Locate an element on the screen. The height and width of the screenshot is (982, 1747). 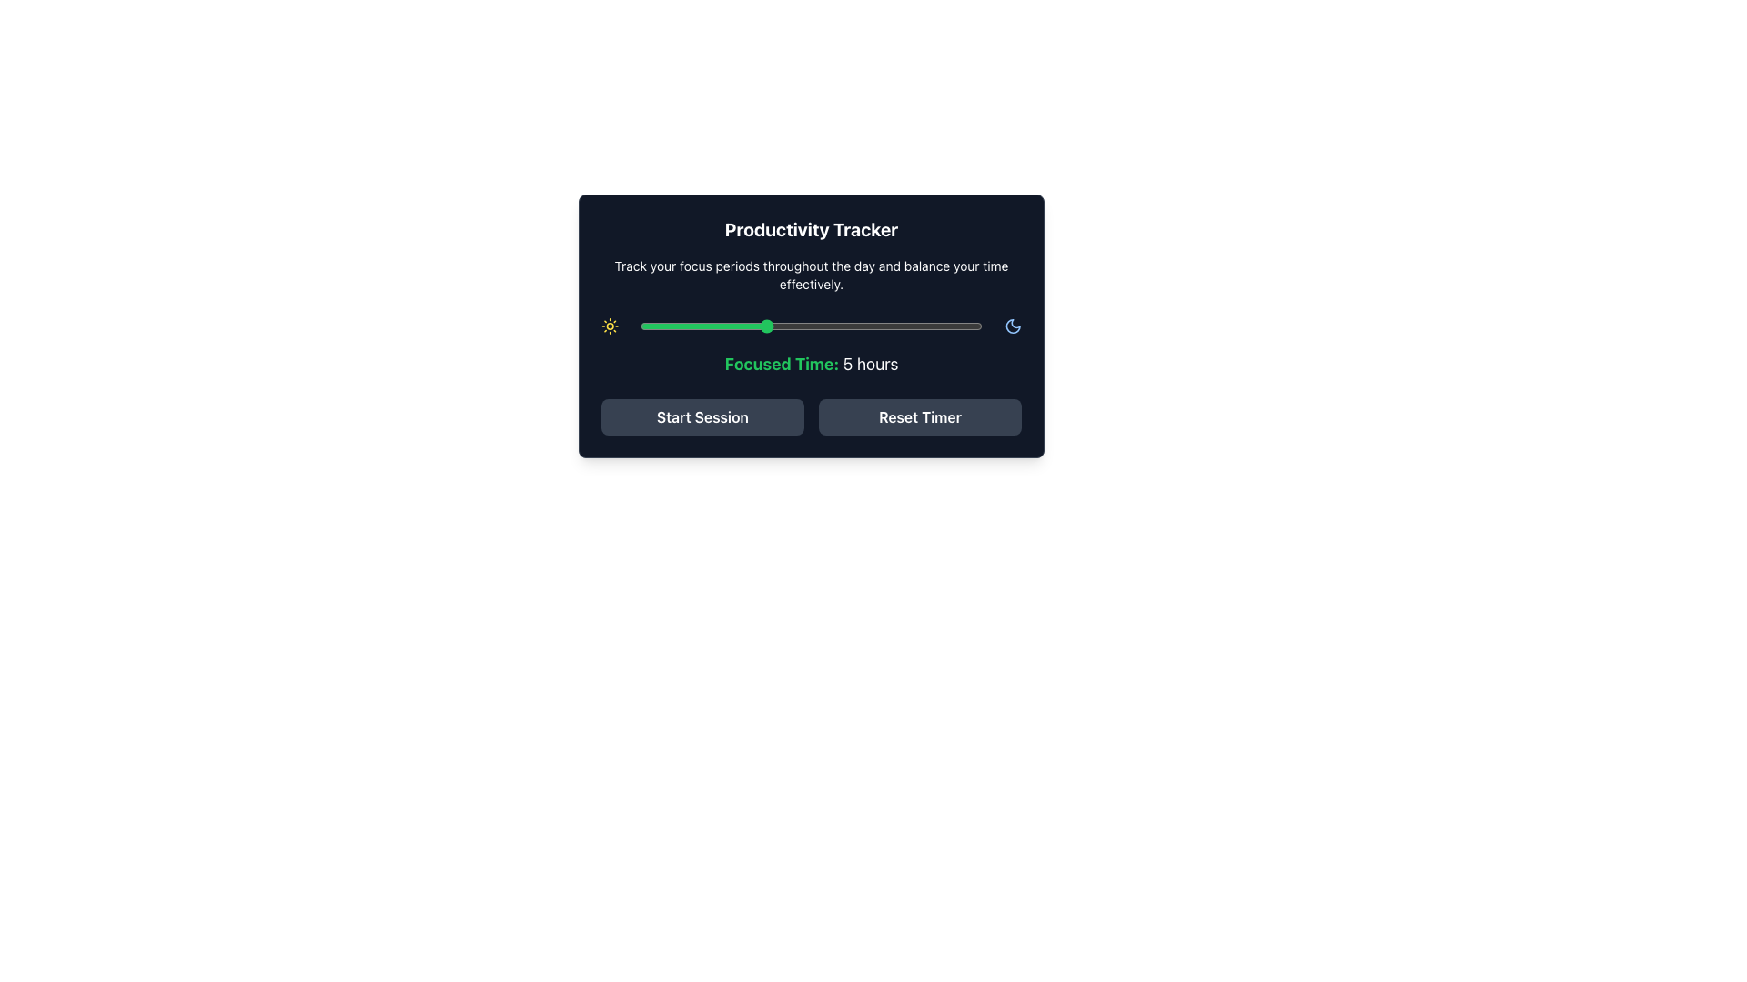
the 'Productivity Tracker' widget component, which has a dark gray background, white text, and includes buttons for 'Start Session' and 'Reset Timer' is located at coordinates (811, 325).